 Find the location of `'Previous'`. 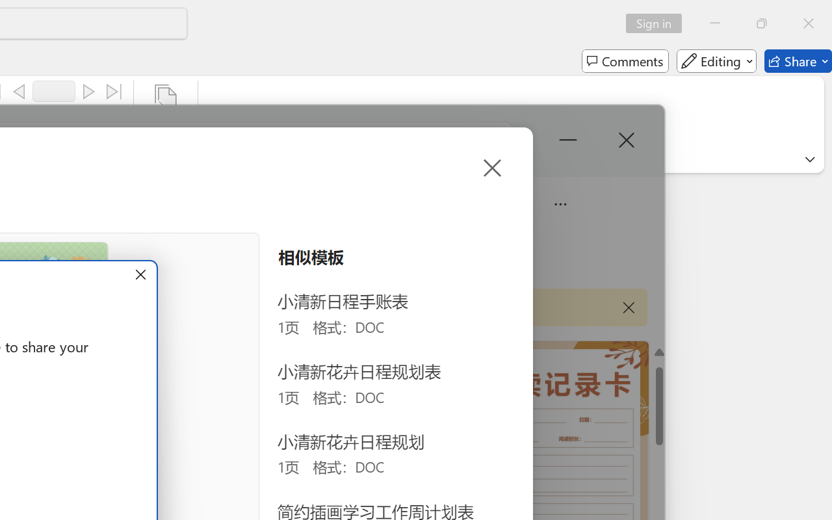

'Previous' is located at coordinates (19, 92).